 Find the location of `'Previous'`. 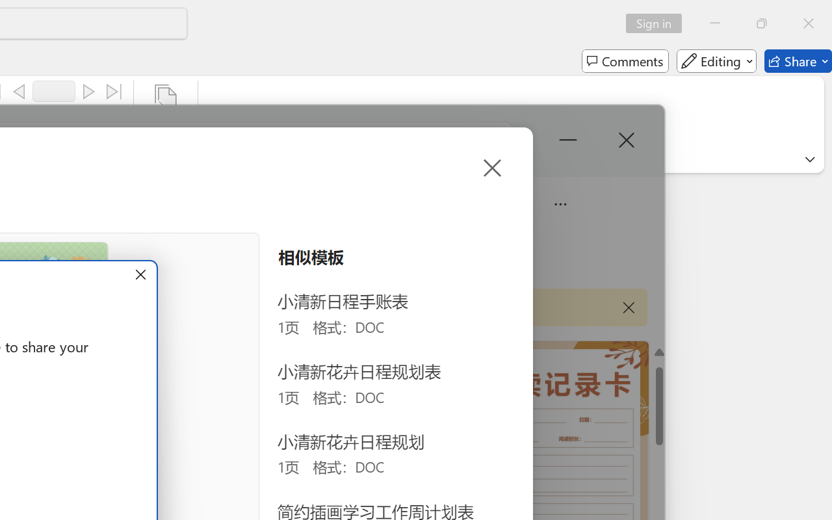

'Previous' is located at coordinates (19, 92).